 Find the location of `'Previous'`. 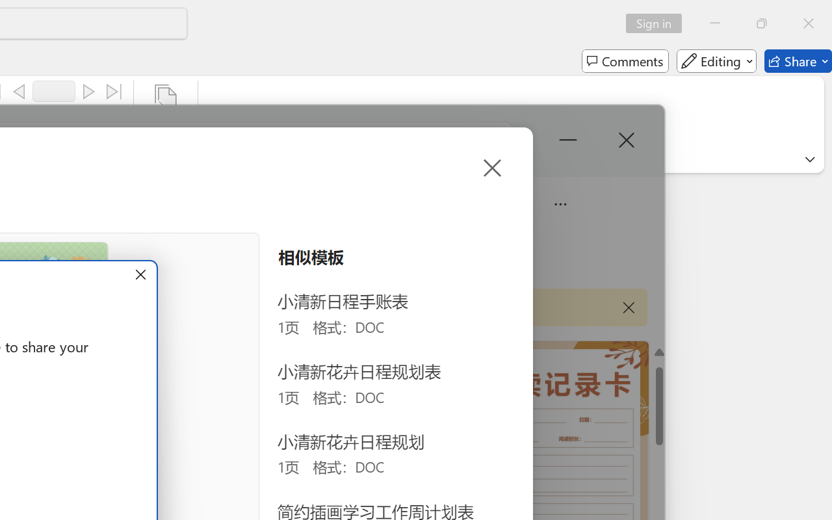

'Previous' is located at coordinates (19, 92).